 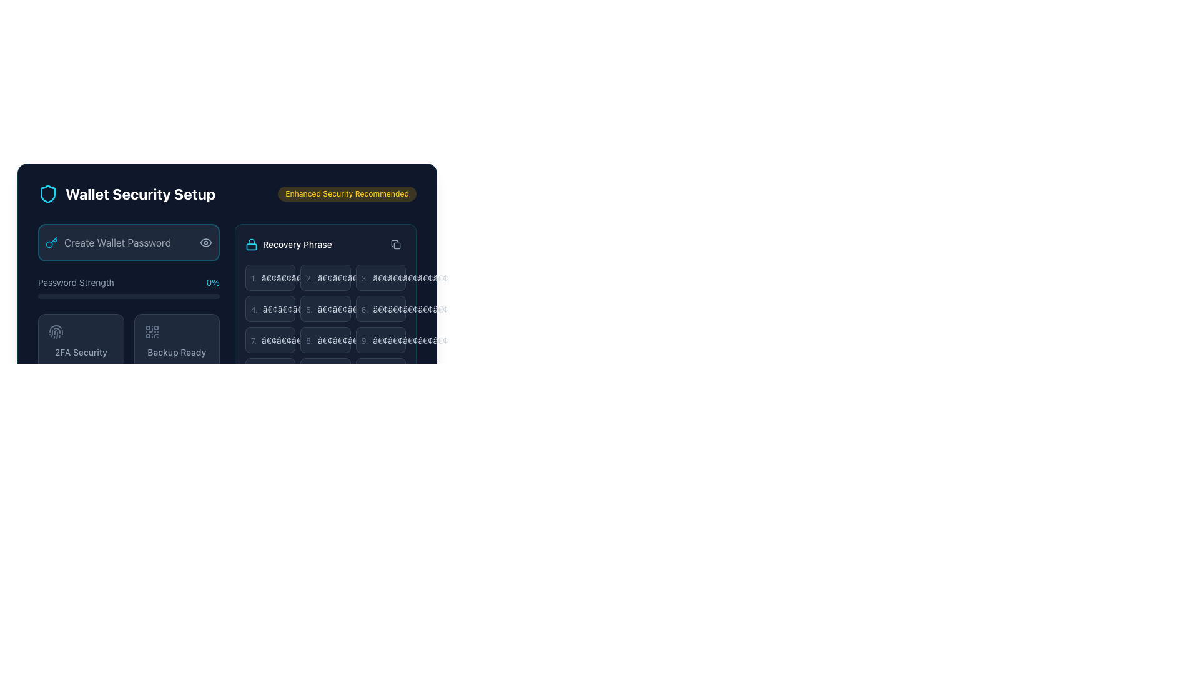 What do you see at coordinates (325, 308) in the screenshot?
I see `label from the rectangular box with a dark background, light border, and containing the number '5.' followed by dots, located in the second row and middle column of a 3-column grid layout` at bounding box center [325, 308].